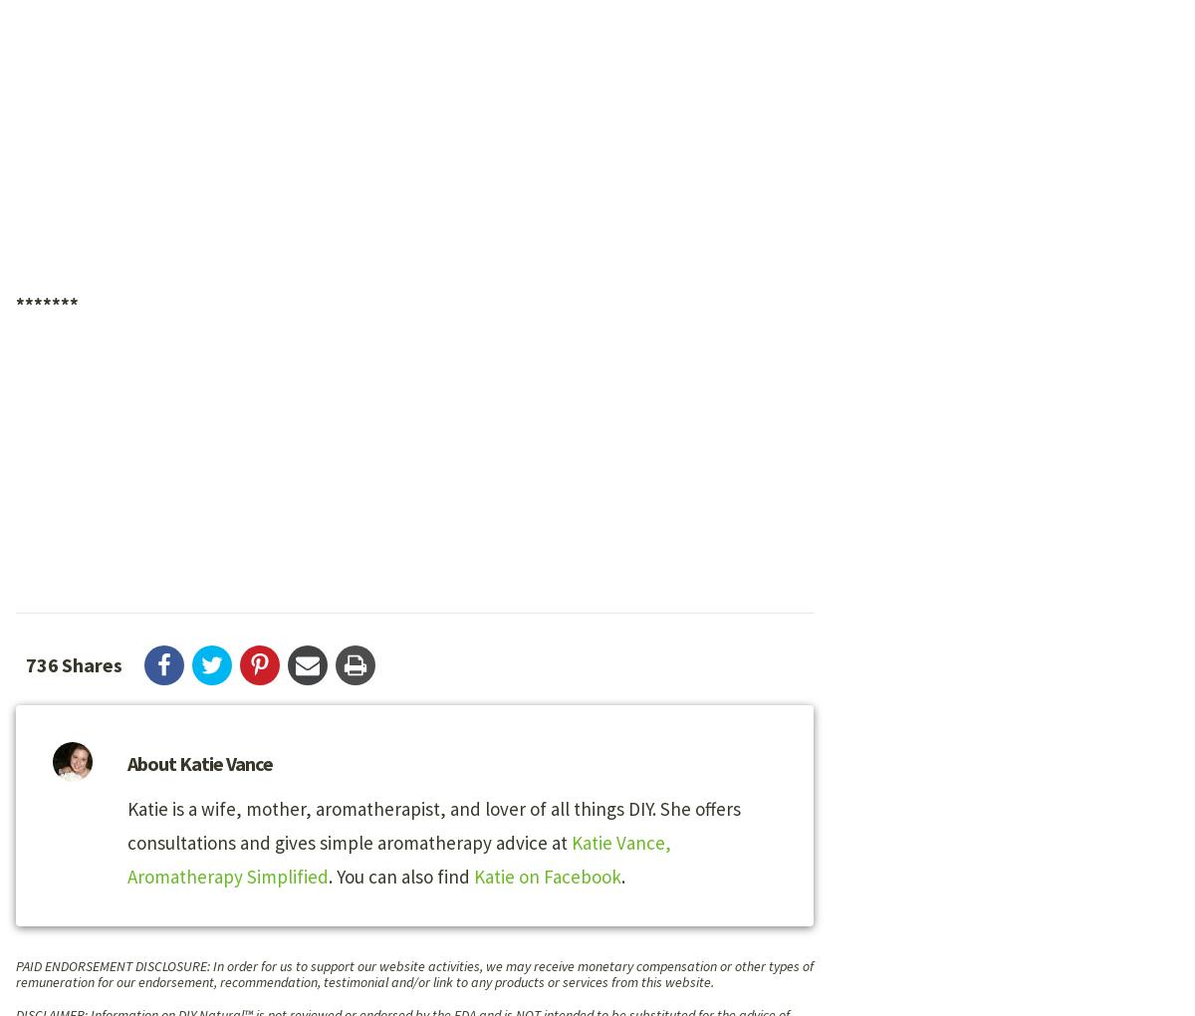 This screenshot has height=1016, width=1195. Describe the element at coordinates (92, 664) in the screenshot. I see `'Shares'` at that location.